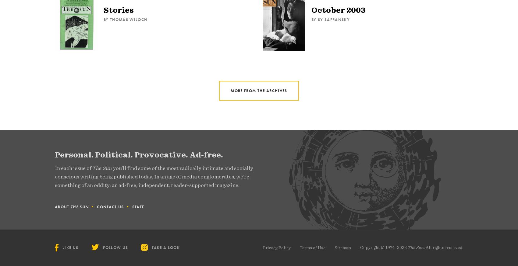  Describe the element at coordinates (333, 19) in the screenshot. I see `'Sy  Safransky'` at that location.